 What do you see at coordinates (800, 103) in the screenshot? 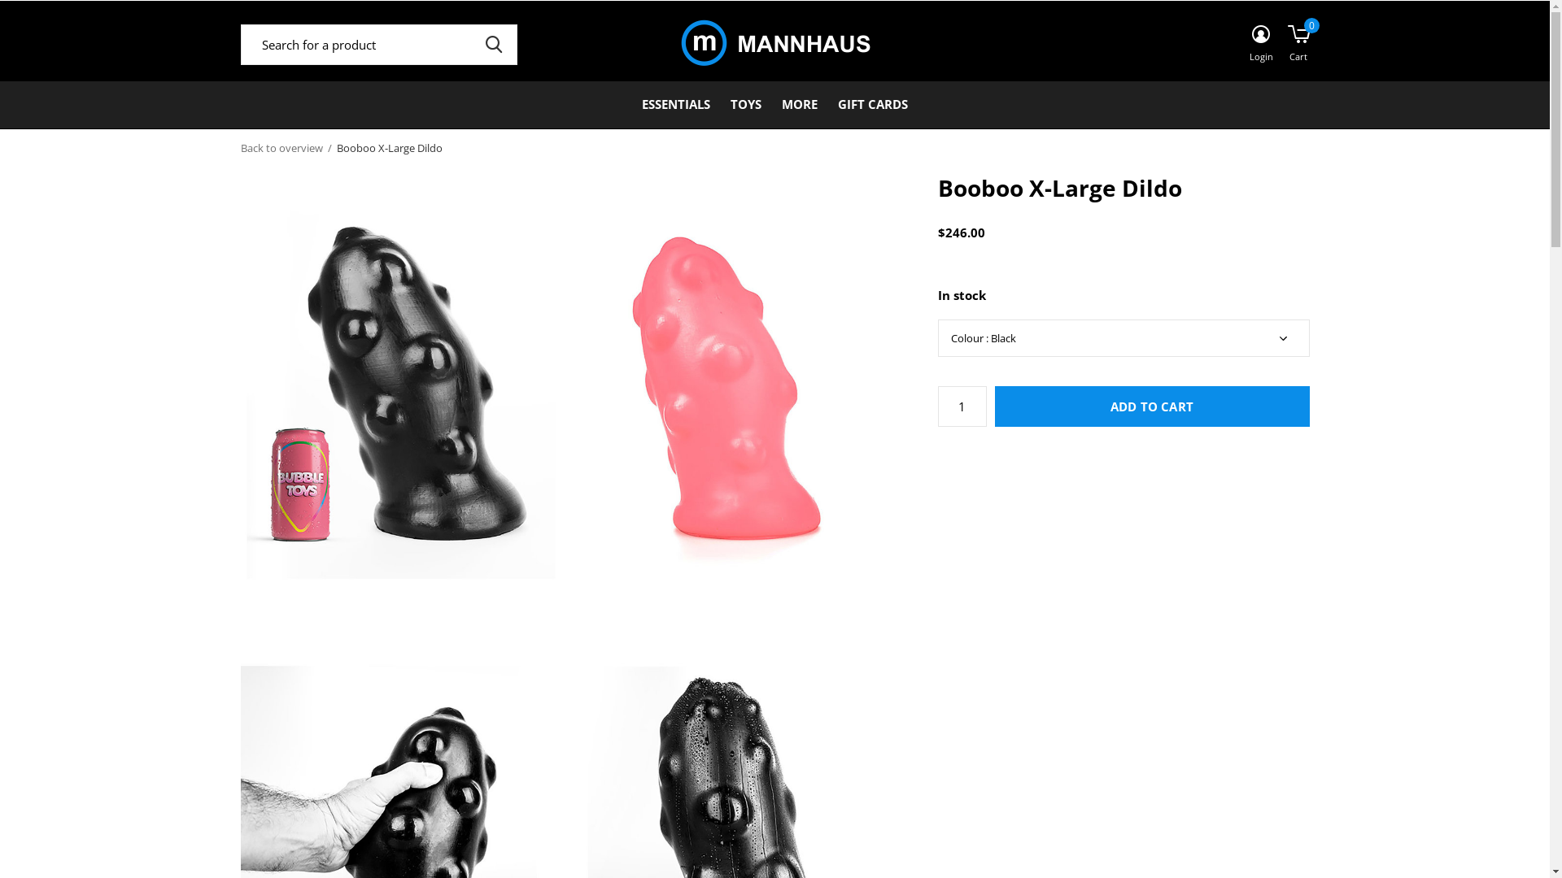
I see `'MORE'` at bounding box center [800, 103].